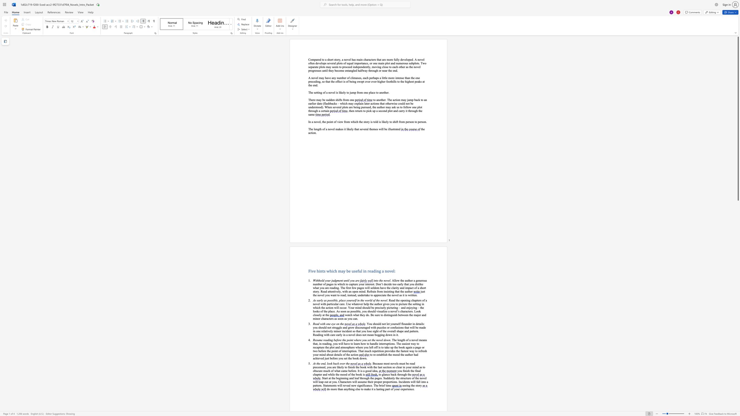 The width and height of the screenshot is (740, 416). Describe the element at coordinates (363, 374) in the screenshot. I see `the space between the continuous character "i" and "s" in the text` at that location.